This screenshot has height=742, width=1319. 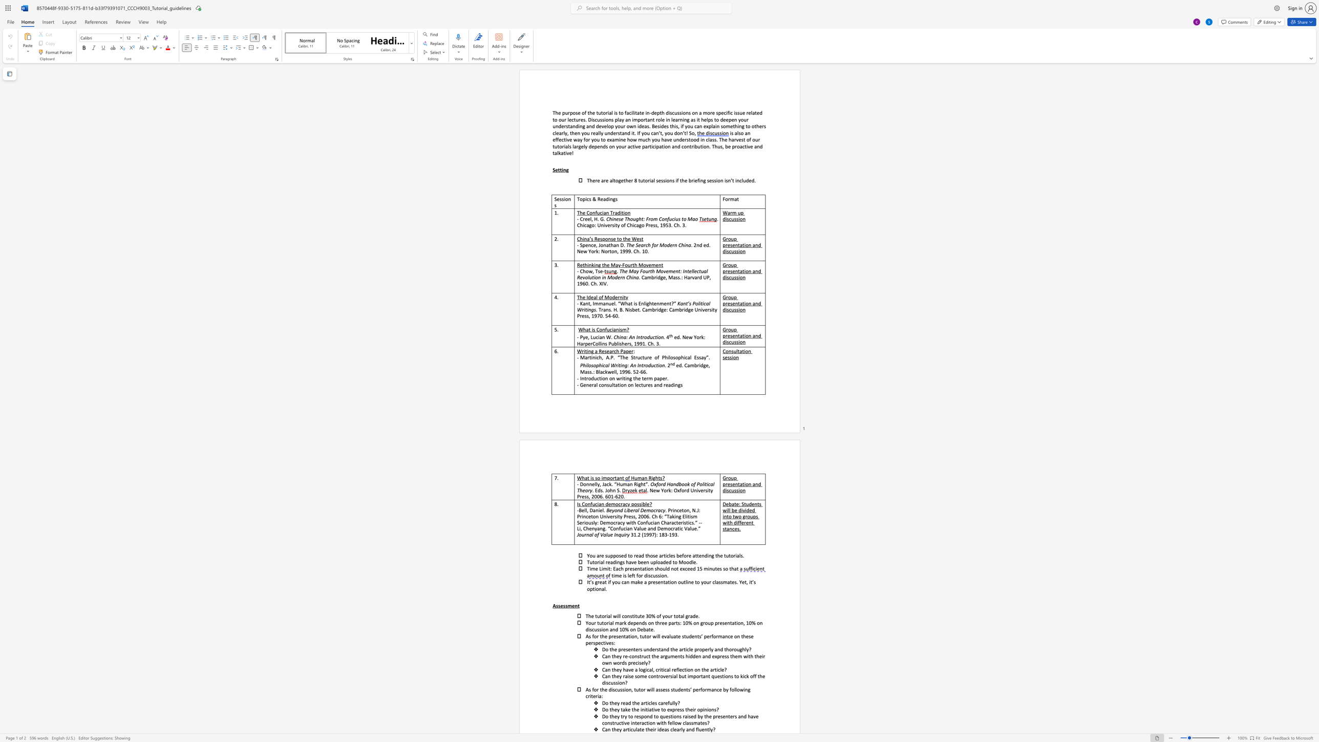 I want to click on the subset text "acilitat" within the text "facilitate", so click(x=626, y=112).